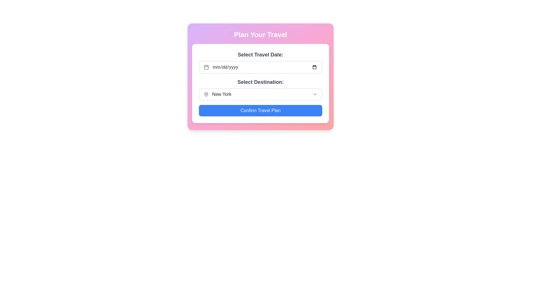  I want to click on the map pin icon, which is a hollow style SVG icon in gray color located to the left of the text 'New York', so click(206, 94).